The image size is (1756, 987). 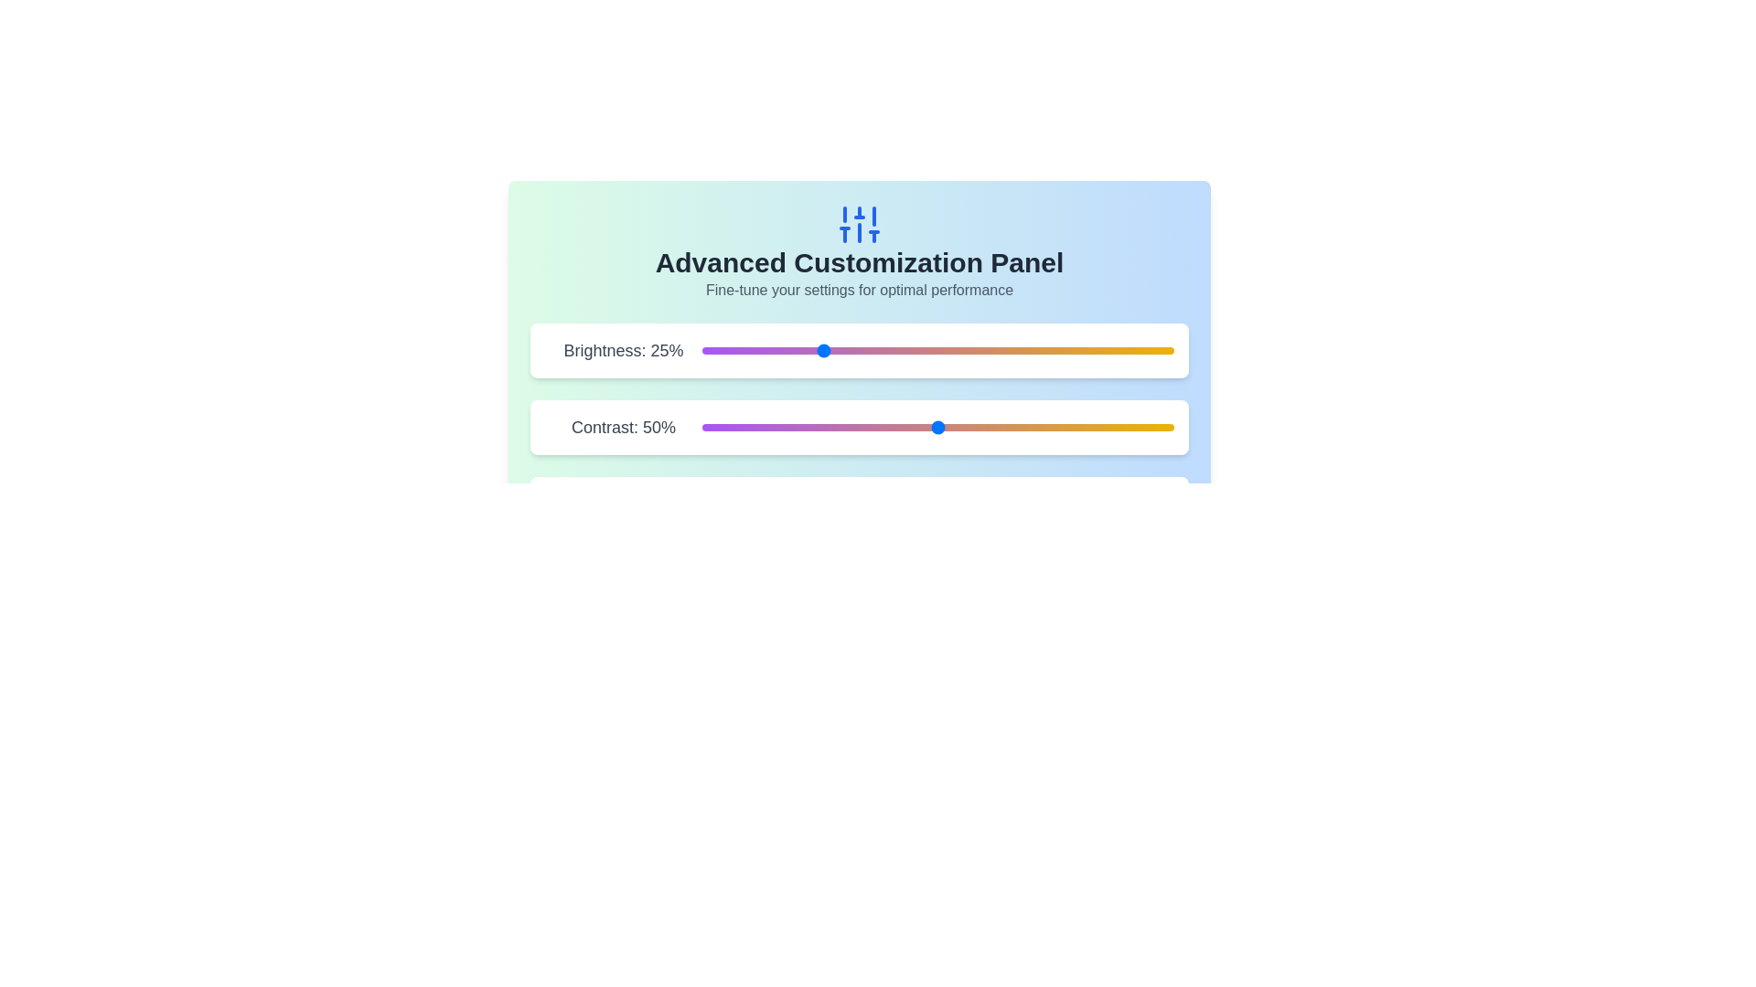 I want to click on the brightness slider to 28%, so click(x=833, y=351).